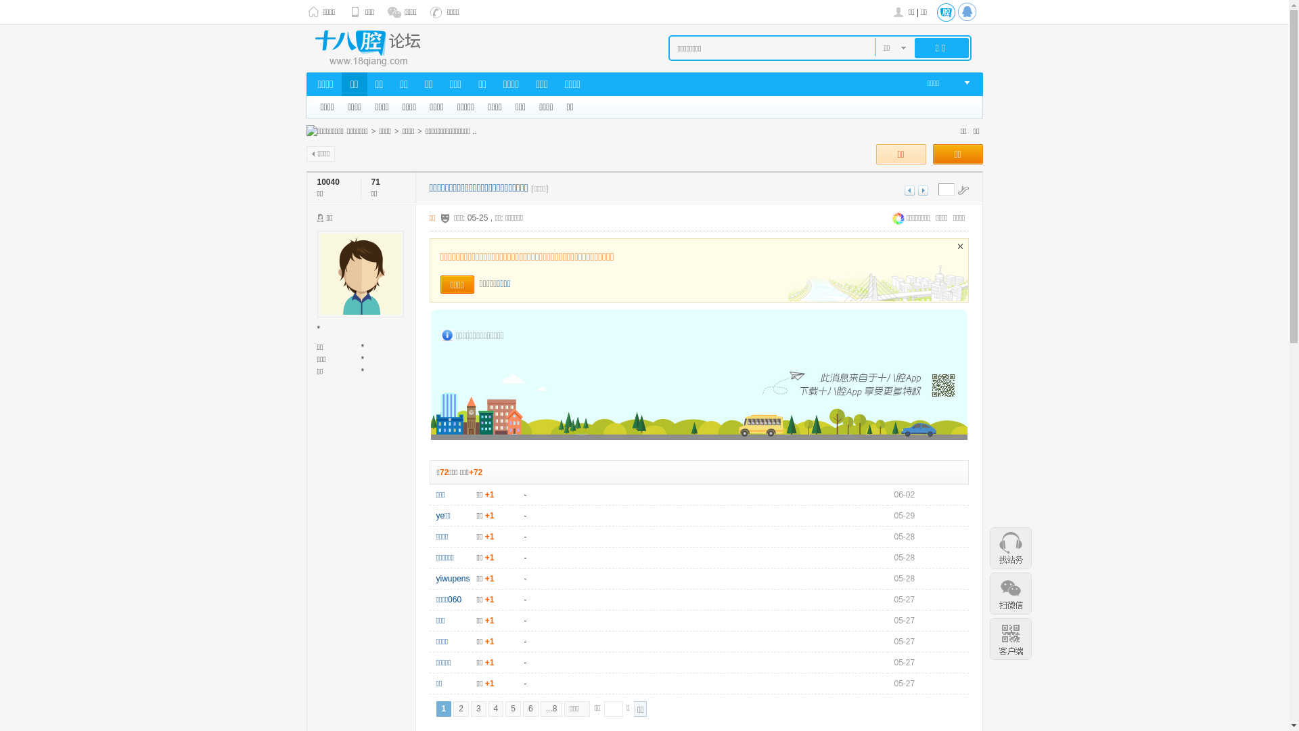 The image size is (1299, 731). Describe the element at coordinates (551, 708) in the screenshot. I see `'...8'` at that location.